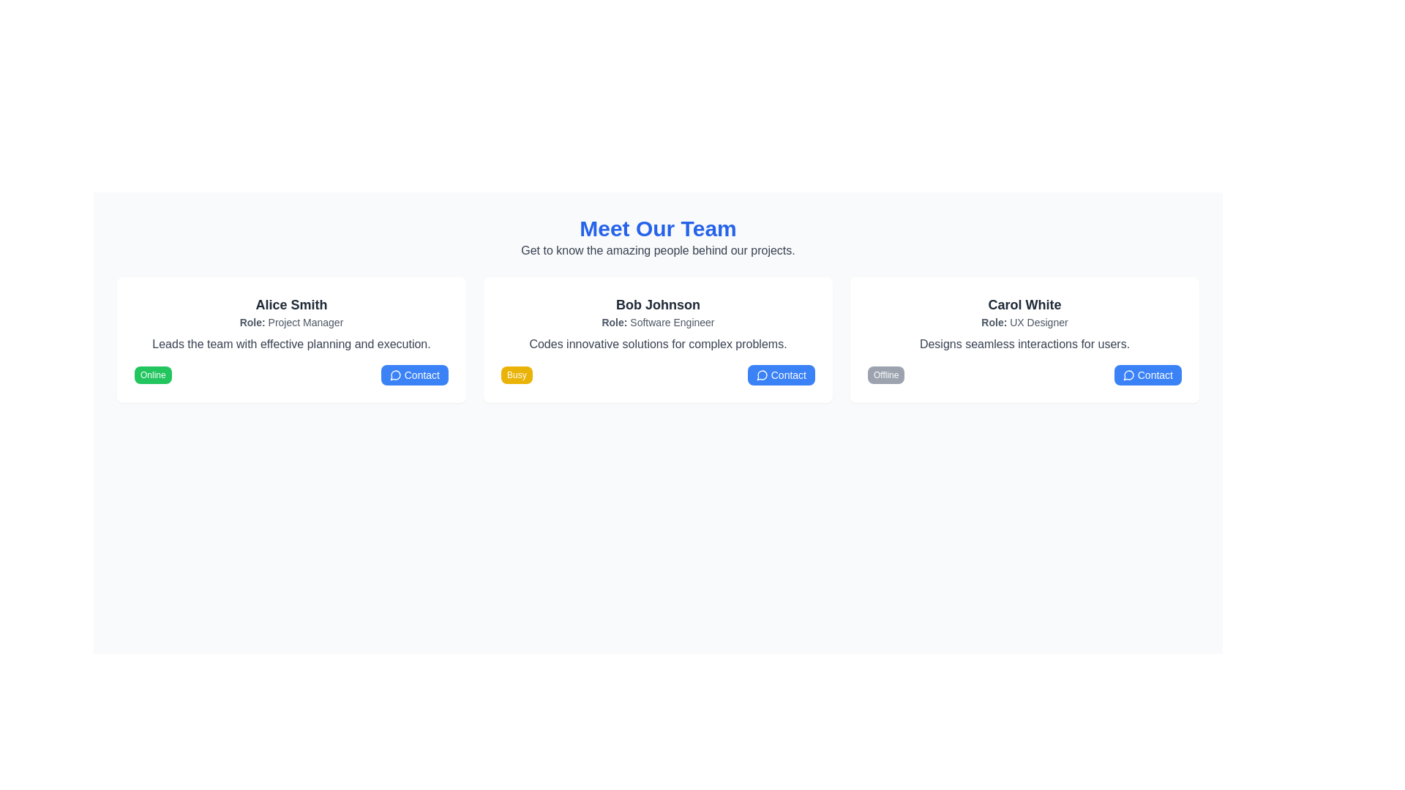 The width and height of the screenshot is (1405, 790). What do you see at coordinates (291, 304) in the screenshot?
I see `text label displaying 'Alice Smith' located at the top of the leftmost card above the text 'Role: Project Manager.'` at bounding box center [291, 304].